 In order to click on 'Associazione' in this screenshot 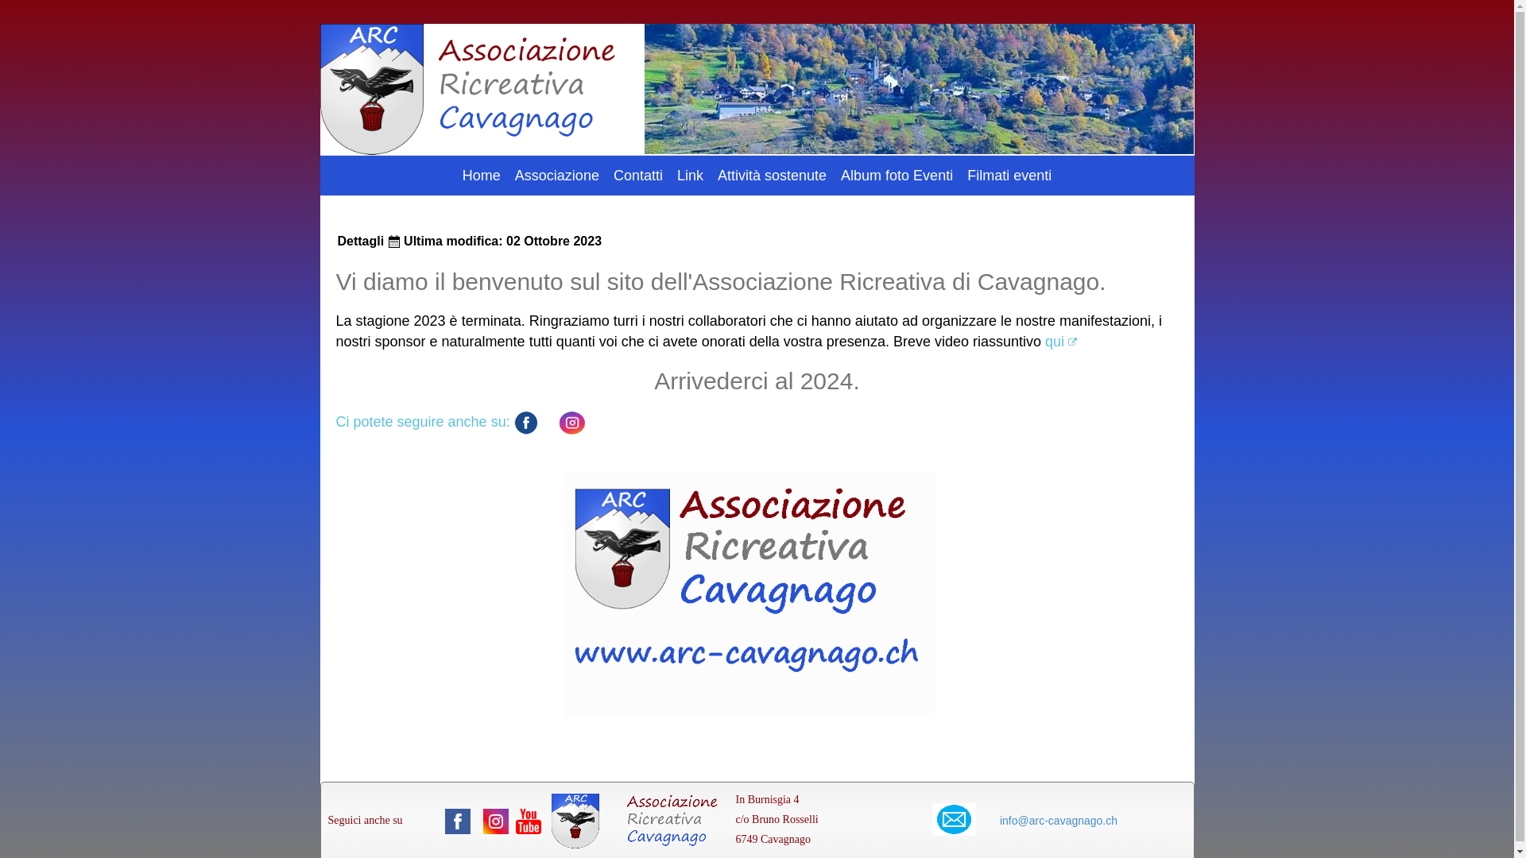, I will do `click(556, 175)`.